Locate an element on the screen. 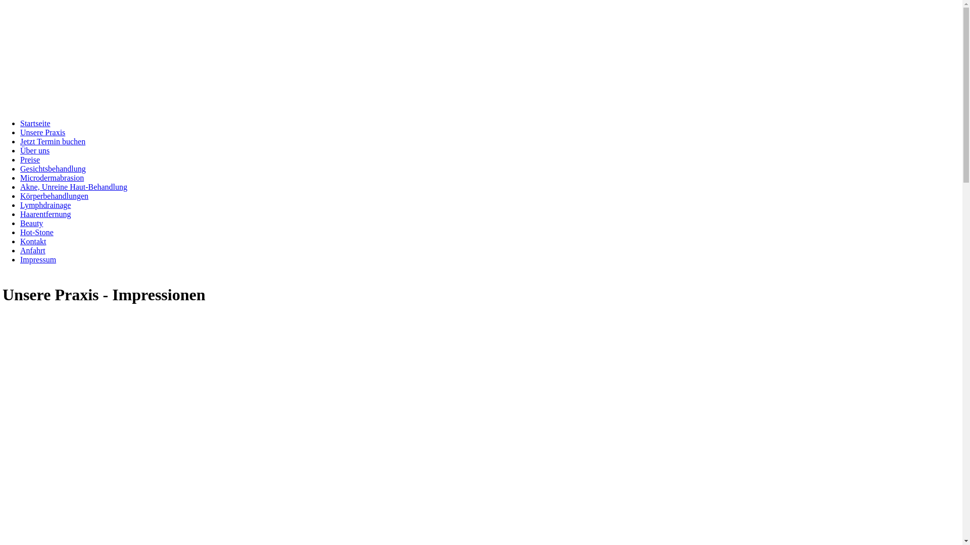 The height and width of the screenshot is (545, 970). 'Impressum' is located at coordinates (38, 259).